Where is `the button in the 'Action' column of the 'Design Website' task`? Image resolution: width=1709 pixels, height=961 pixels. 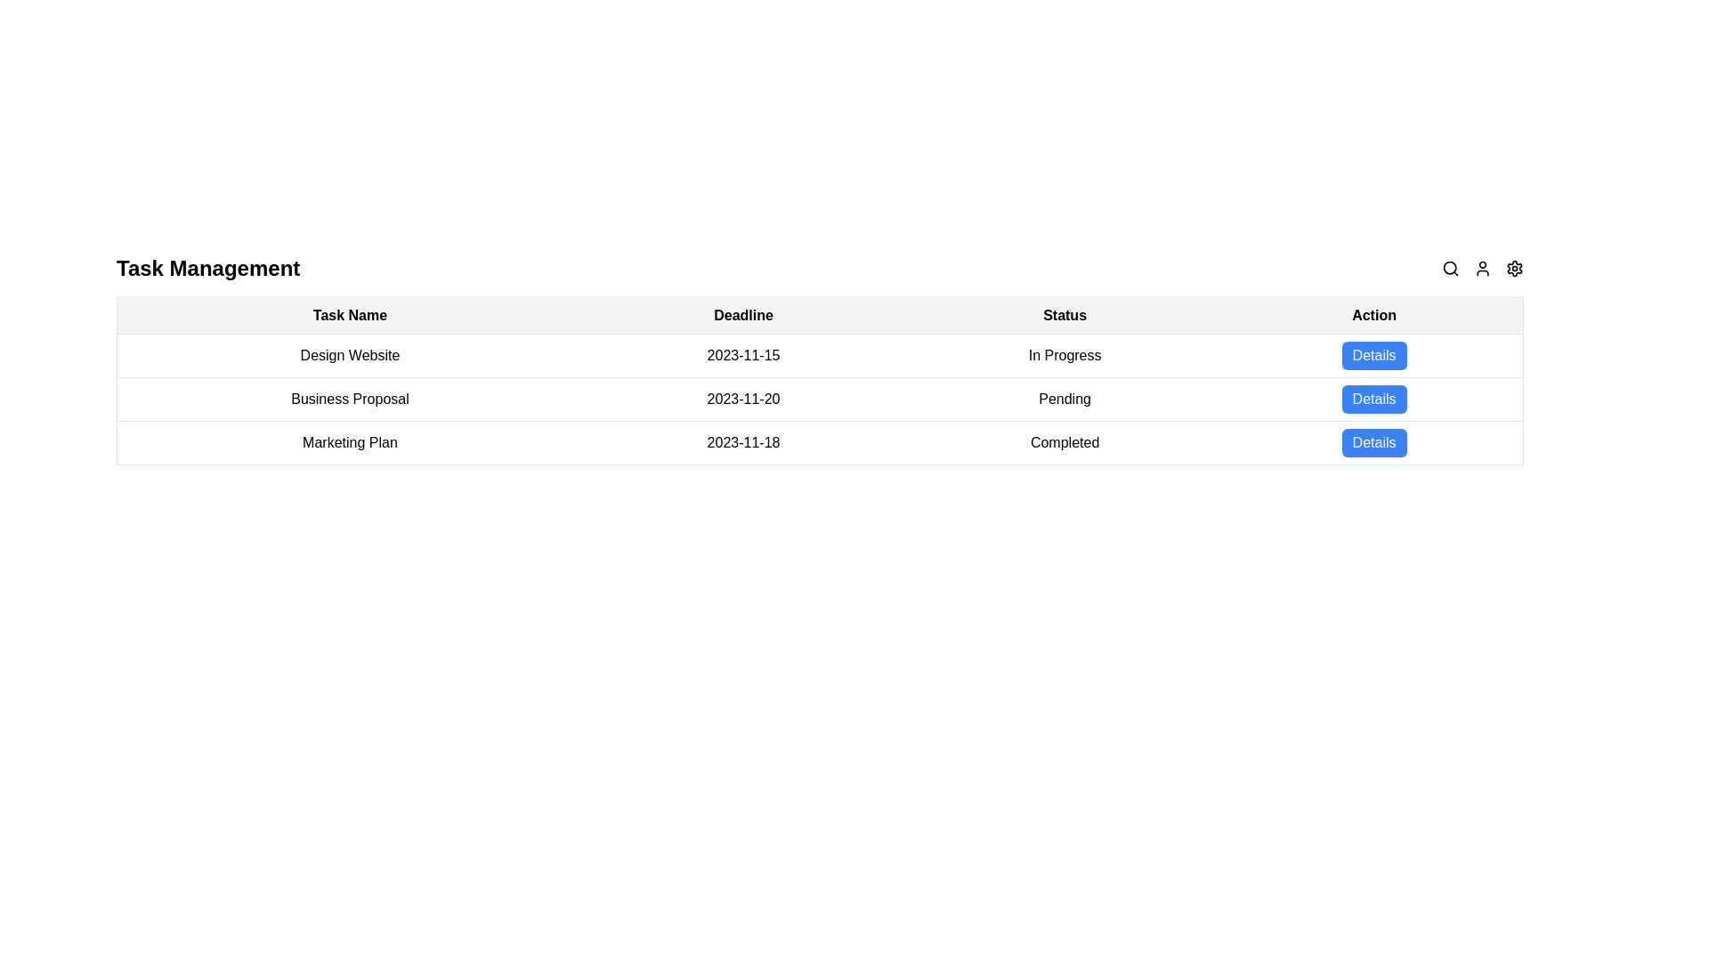
the button in the 'Action' column of the 'Design Website' task is located at coordinates (1373, 356).